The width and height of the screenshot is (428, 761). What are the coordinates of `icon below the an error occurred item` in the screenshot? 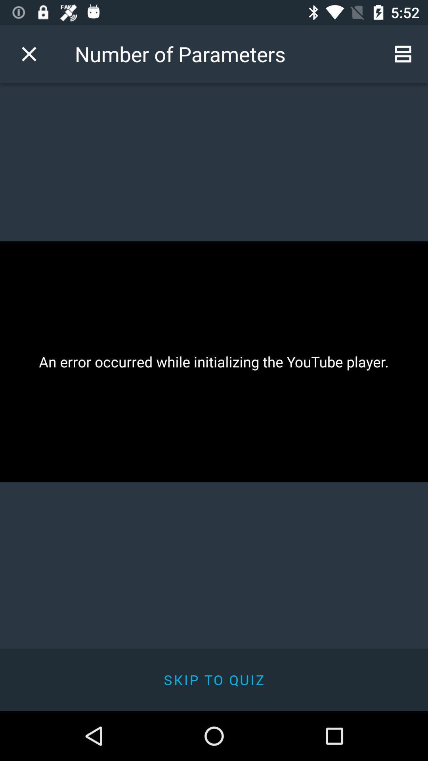 It's located at (214, 679).